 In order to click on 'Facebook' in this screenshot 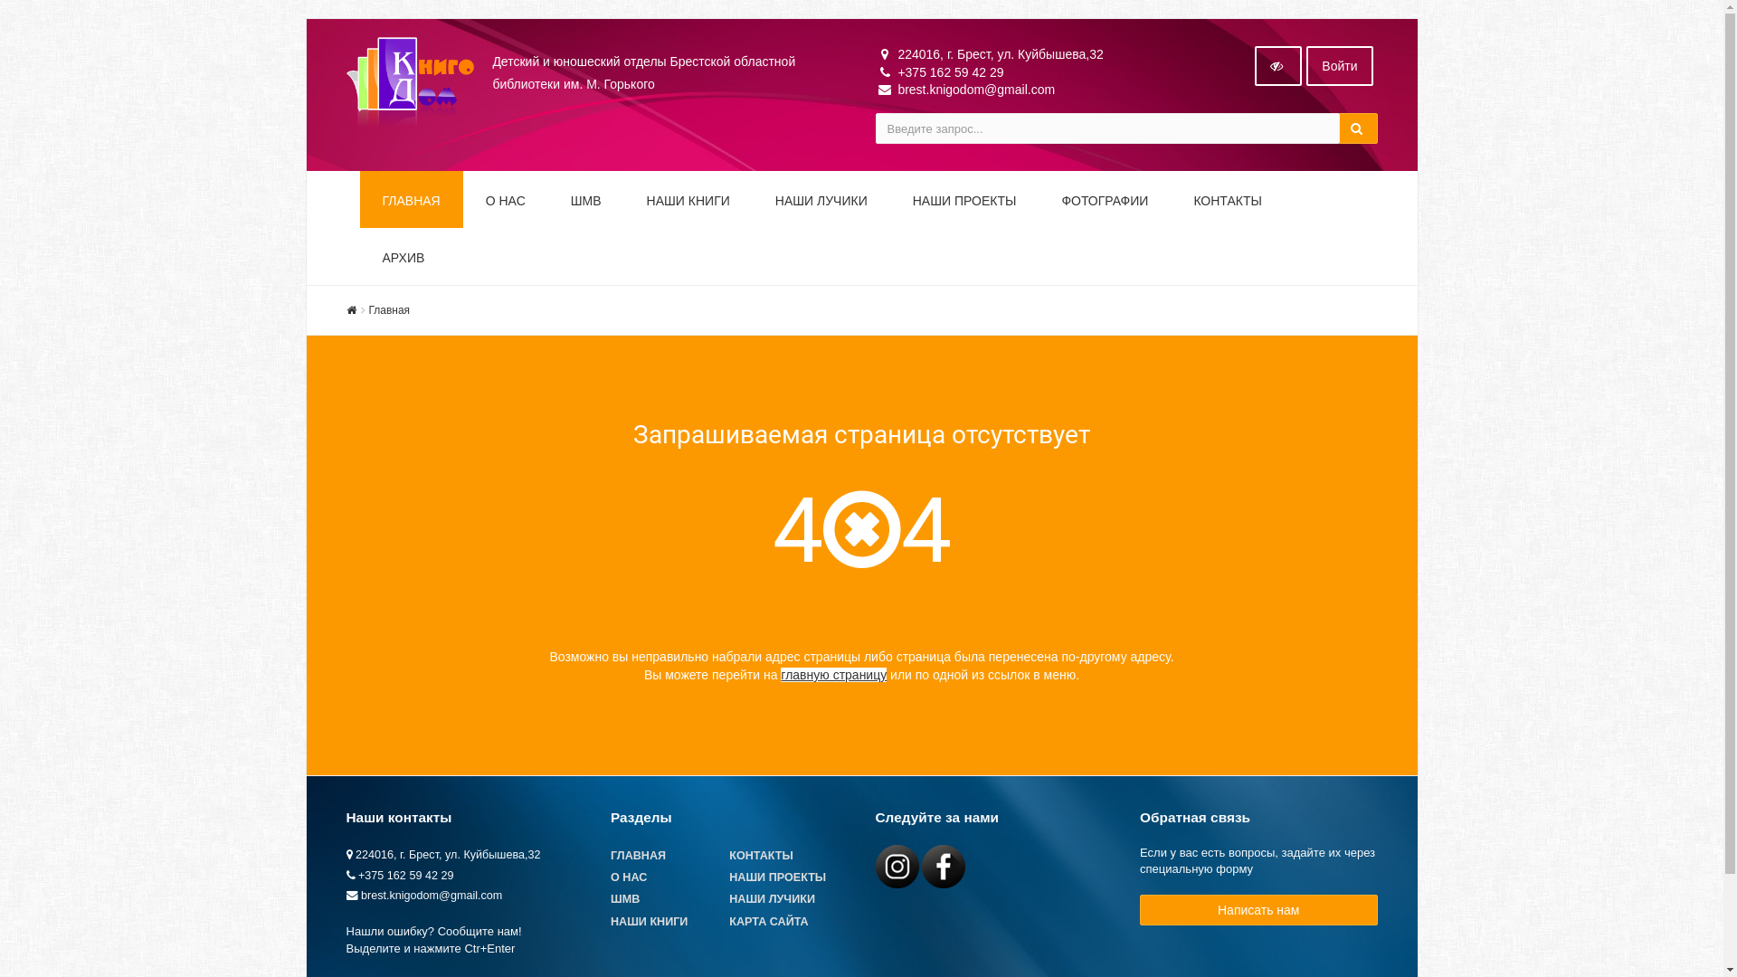, I will do `click(921, 865)`.